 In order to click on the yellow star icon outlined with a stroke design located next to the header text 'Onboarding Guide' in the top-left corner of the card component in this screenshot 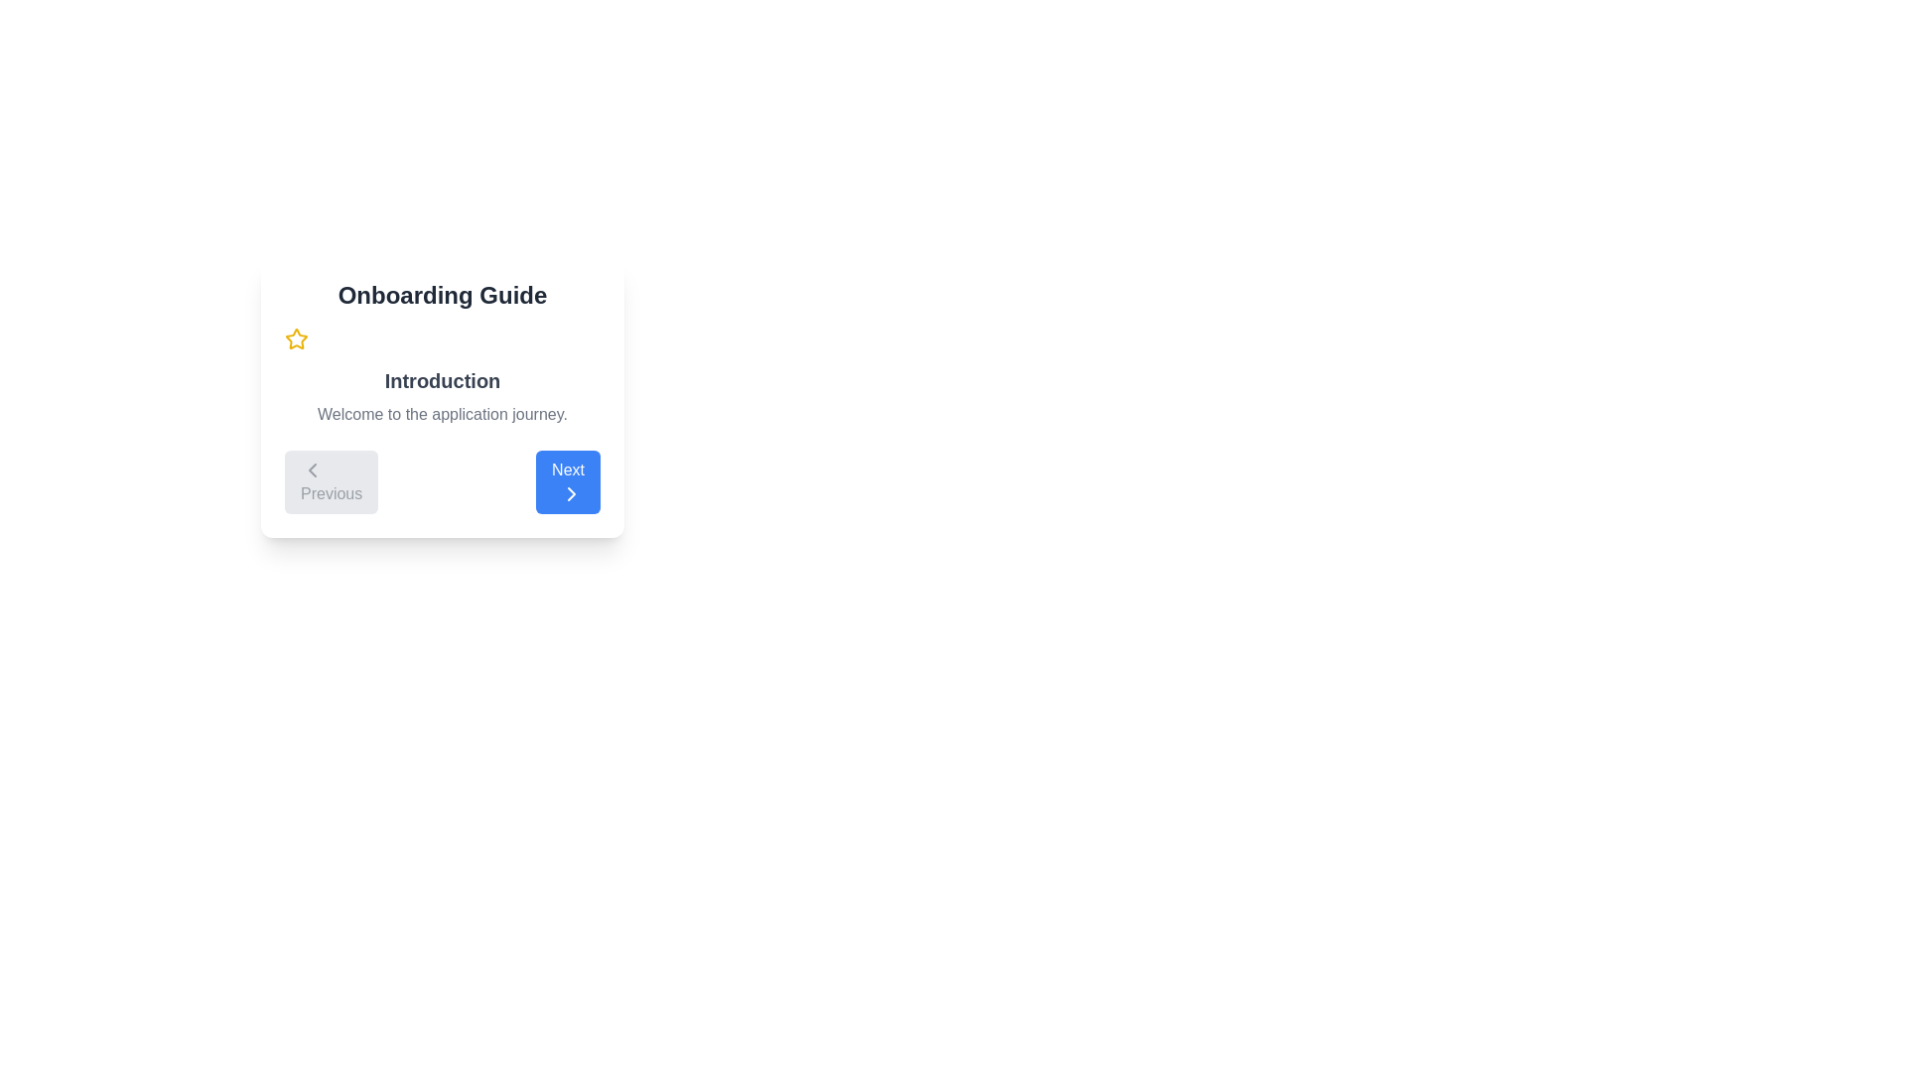, I will do `click(295, 337)`.